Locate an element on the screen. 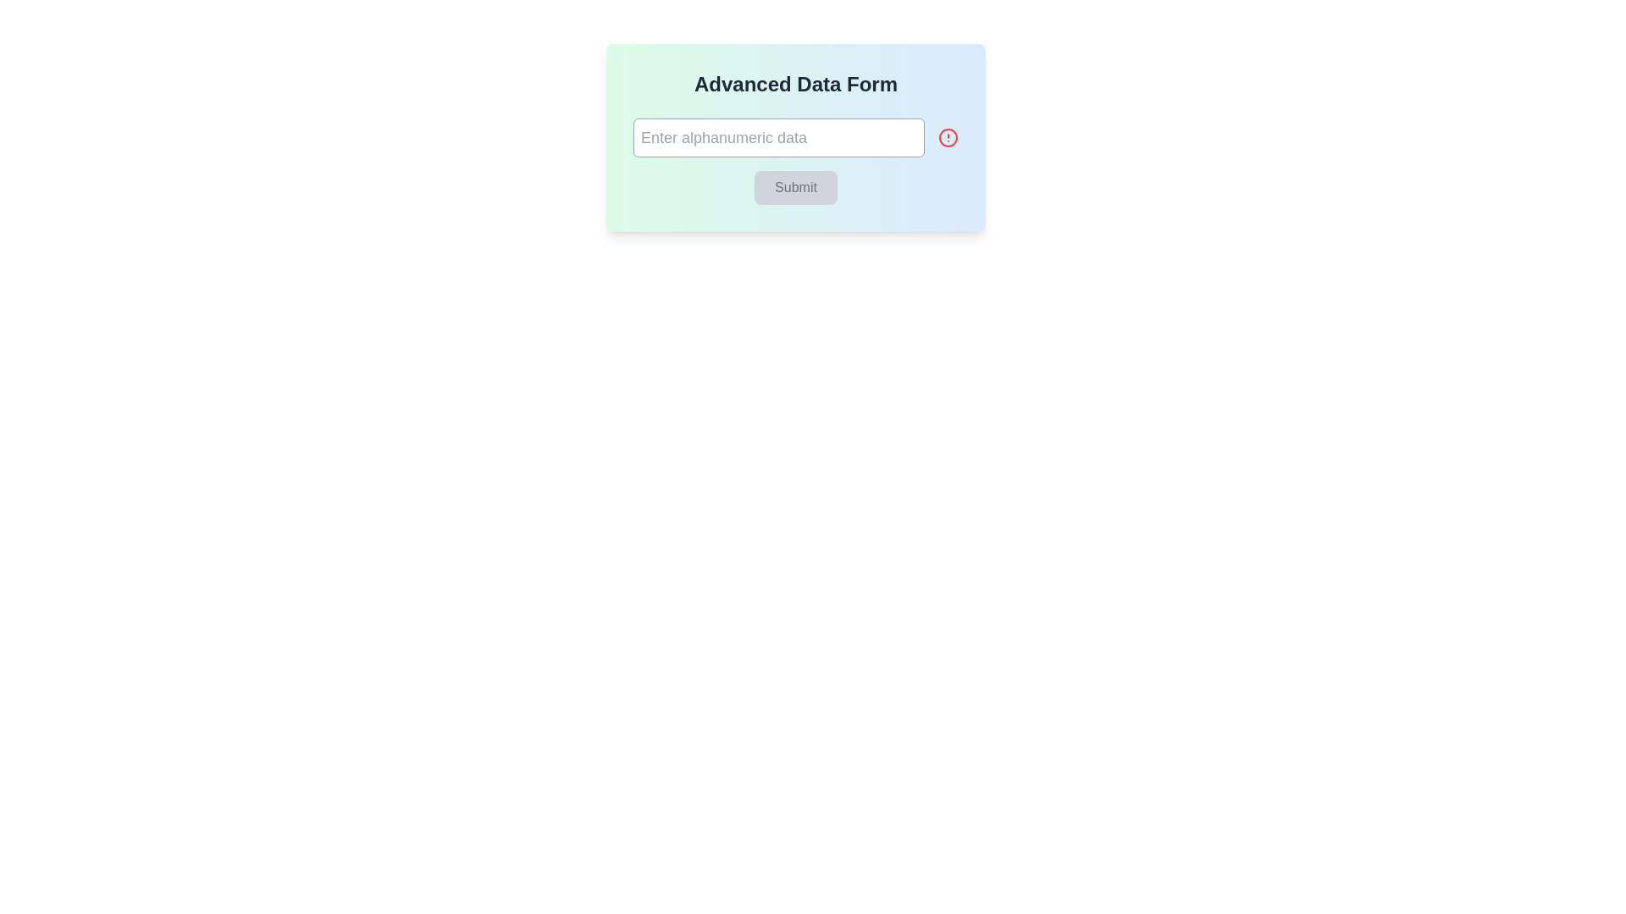  the submit button located at the bottom of the 'Advanced Data Form' section, directly underneath the input field labeled 'Enter alphanumeric data' is located at coordinates (795, 162).